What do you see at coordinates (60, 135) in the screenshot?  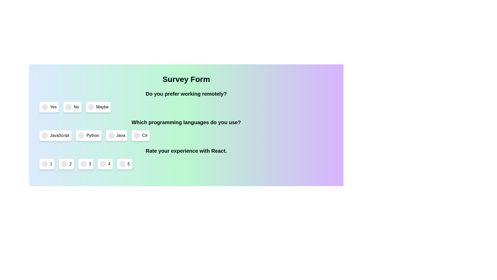 I see `the 'JavaScript' text label, which describes the second selectable option for programming languages, located to the right of its corresponding circular checkbox` at bounding box center [60, 135].